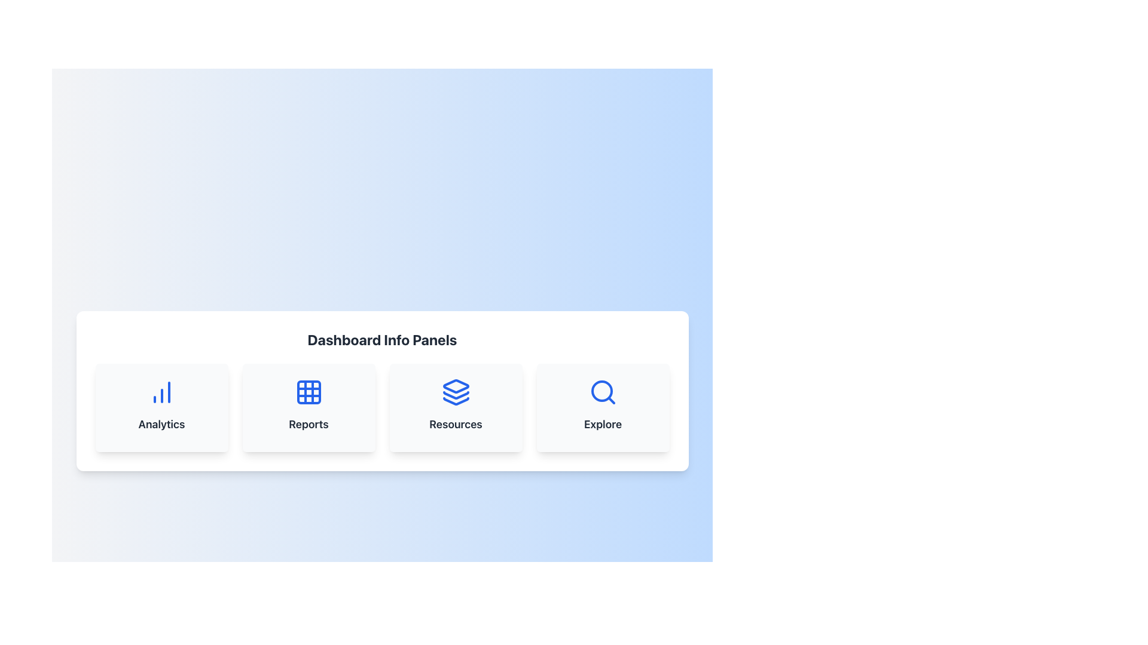 This screenshot has width=1148, height=645. Describe the element at coordinates (603, 407) in the screenshot. I see `the fourth card in the horizontal row, which features a blue magnifying glass icon and the text 'Explore'` at that location.